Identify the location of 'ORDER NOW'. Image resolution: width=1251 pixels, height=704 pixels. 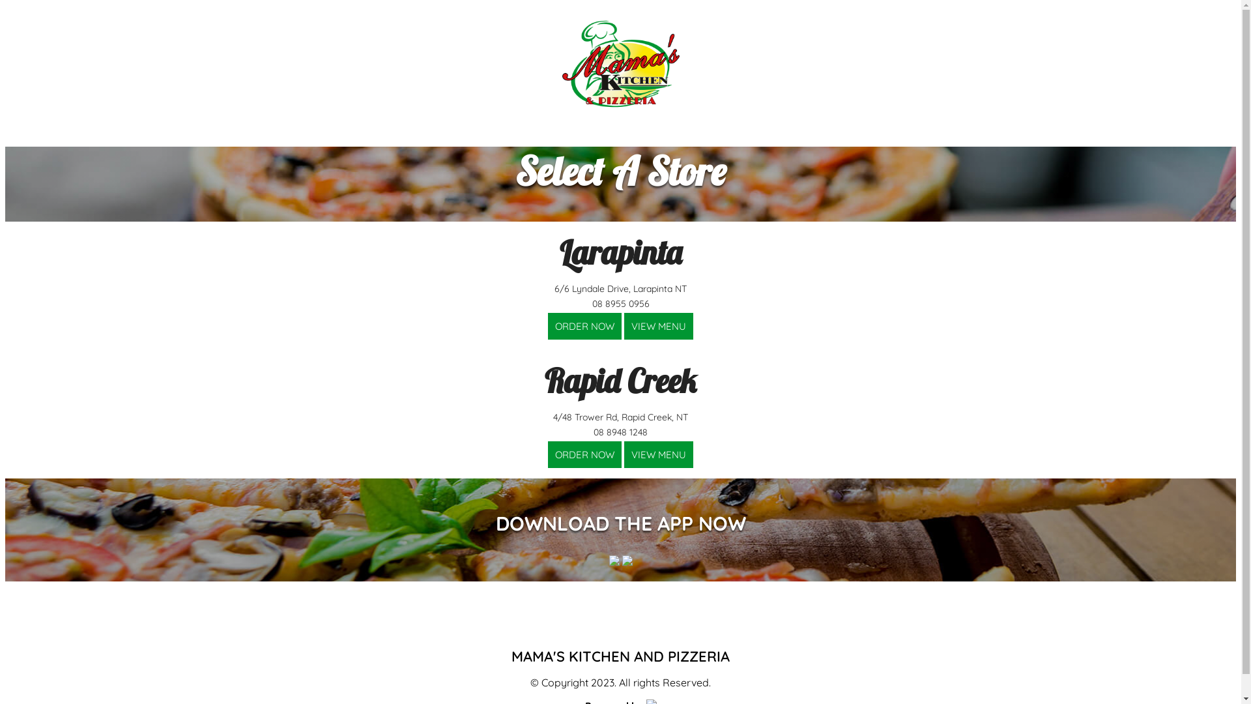
(584, 454).